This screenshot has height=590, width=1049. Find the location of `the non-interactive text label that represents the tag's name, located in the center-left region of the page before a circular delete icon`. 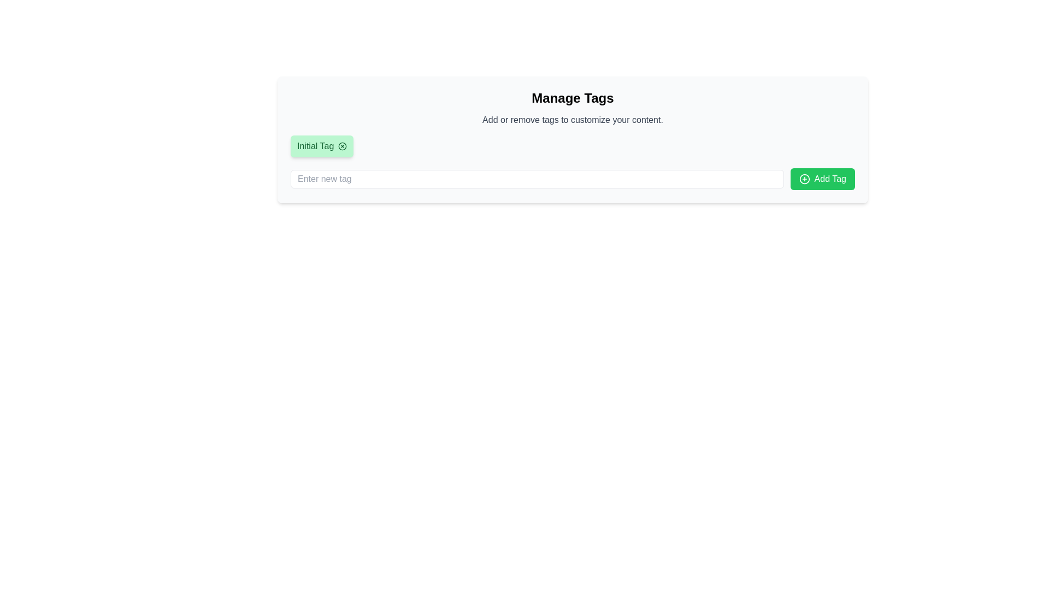

the non-interactive text label that represents the tag's name, located in the center-left region of the page before a circular delete icon is located at coordinates (315, 145).